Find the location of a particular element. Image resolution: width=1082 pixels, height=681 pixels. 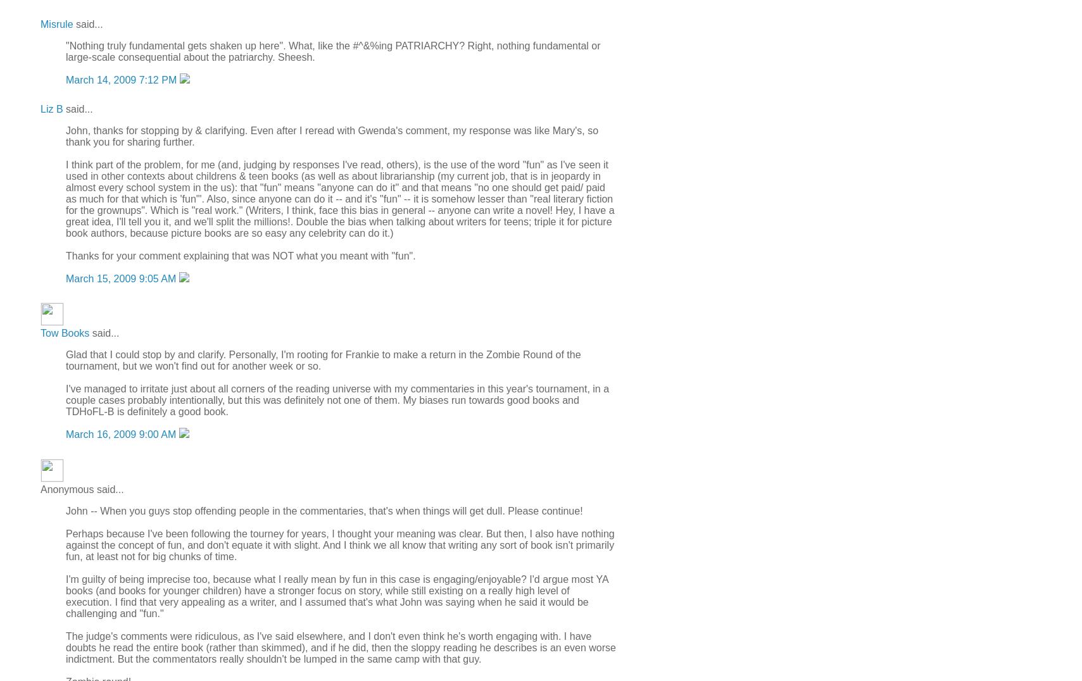

'Thanks for your comment explaining that was NOT what you meant with "fun".' is located at coordinates (240, 256).